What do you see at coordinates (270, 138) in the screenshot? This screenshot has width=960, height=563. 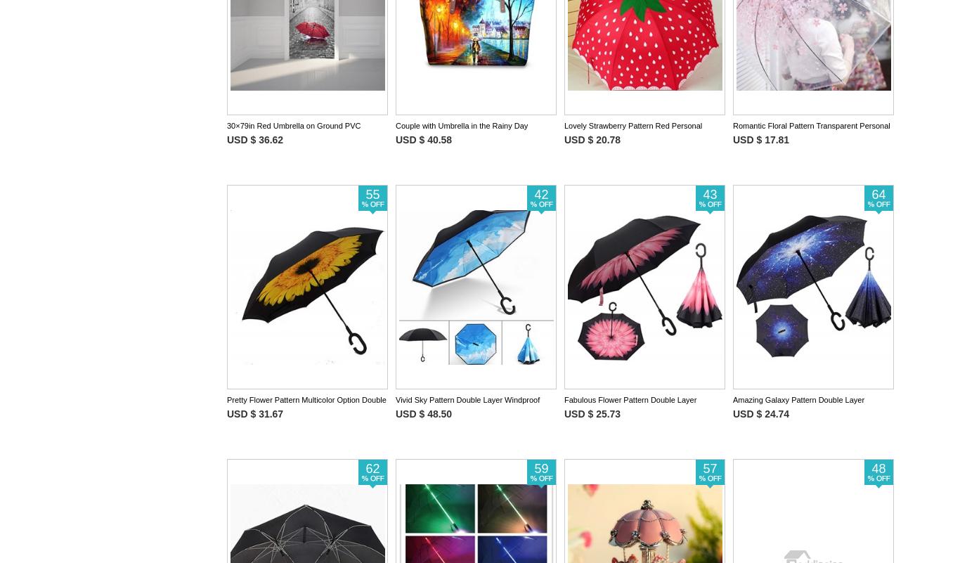 I see `'36.62'` at bounding box center [270, 138].